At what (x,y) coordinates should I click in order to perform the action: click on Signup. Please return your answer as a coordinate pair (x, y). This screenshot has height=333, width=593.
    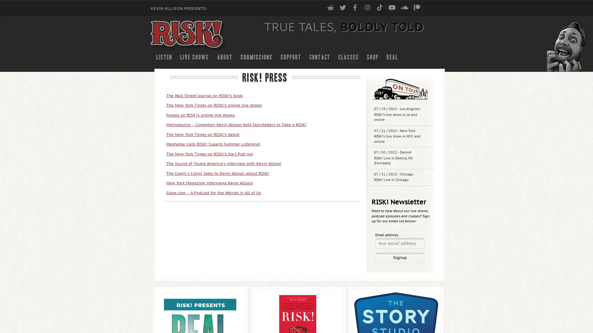
    Looking at the image, I should click on (400, 257).